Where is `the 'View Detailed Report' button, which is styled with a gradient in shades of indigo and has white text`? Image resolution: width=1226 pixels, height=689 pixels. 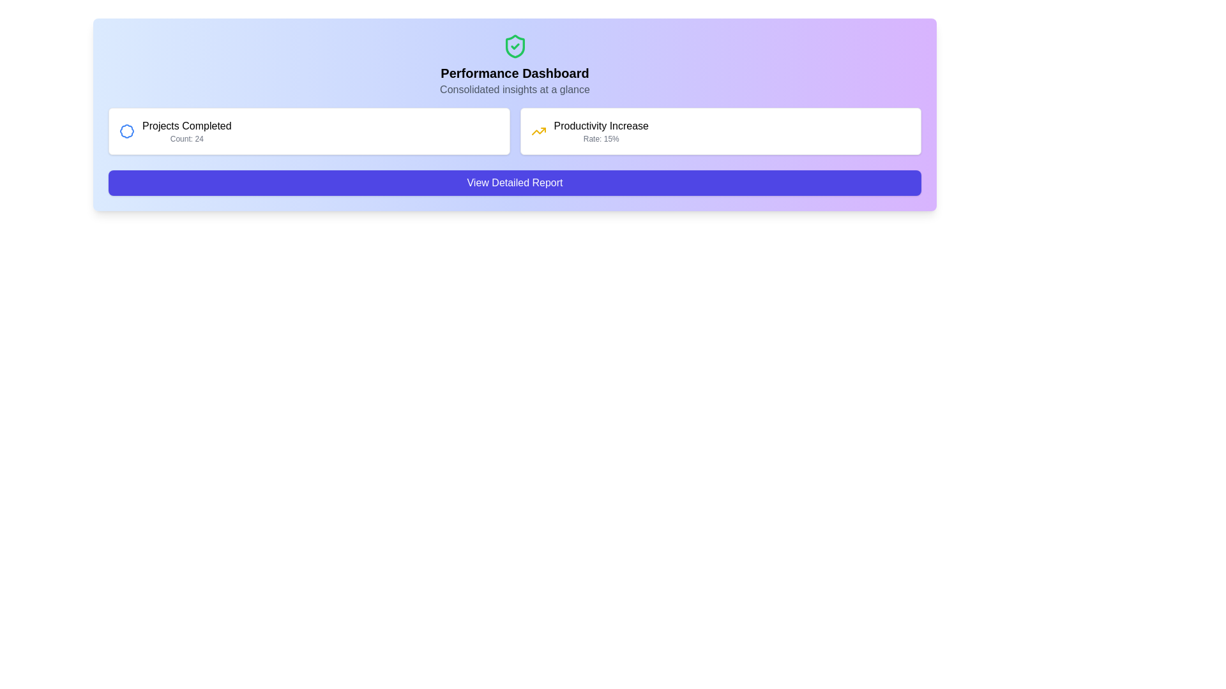
the 'View Detailed Report' button, which is styled with a gradient in shades of indigo and has white text is located at coordinates (515, 182).